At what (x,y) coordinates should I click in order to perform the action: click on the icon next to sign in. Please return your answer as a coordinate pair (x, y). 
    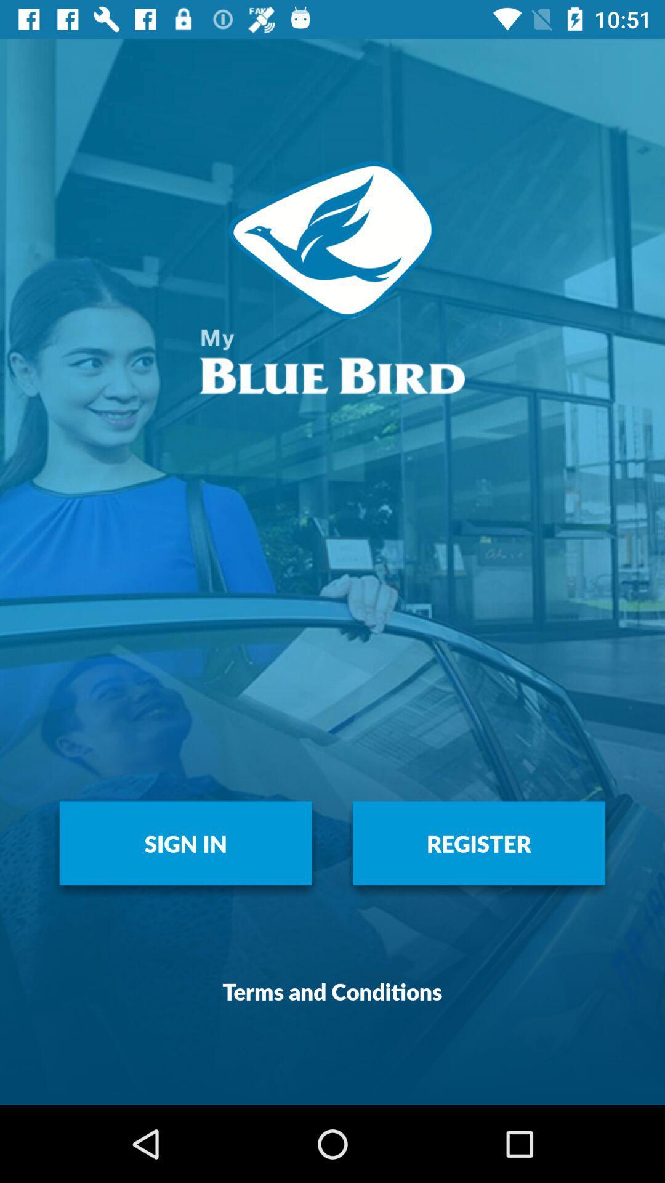
    Looking at the image, I should click on (478, 842).